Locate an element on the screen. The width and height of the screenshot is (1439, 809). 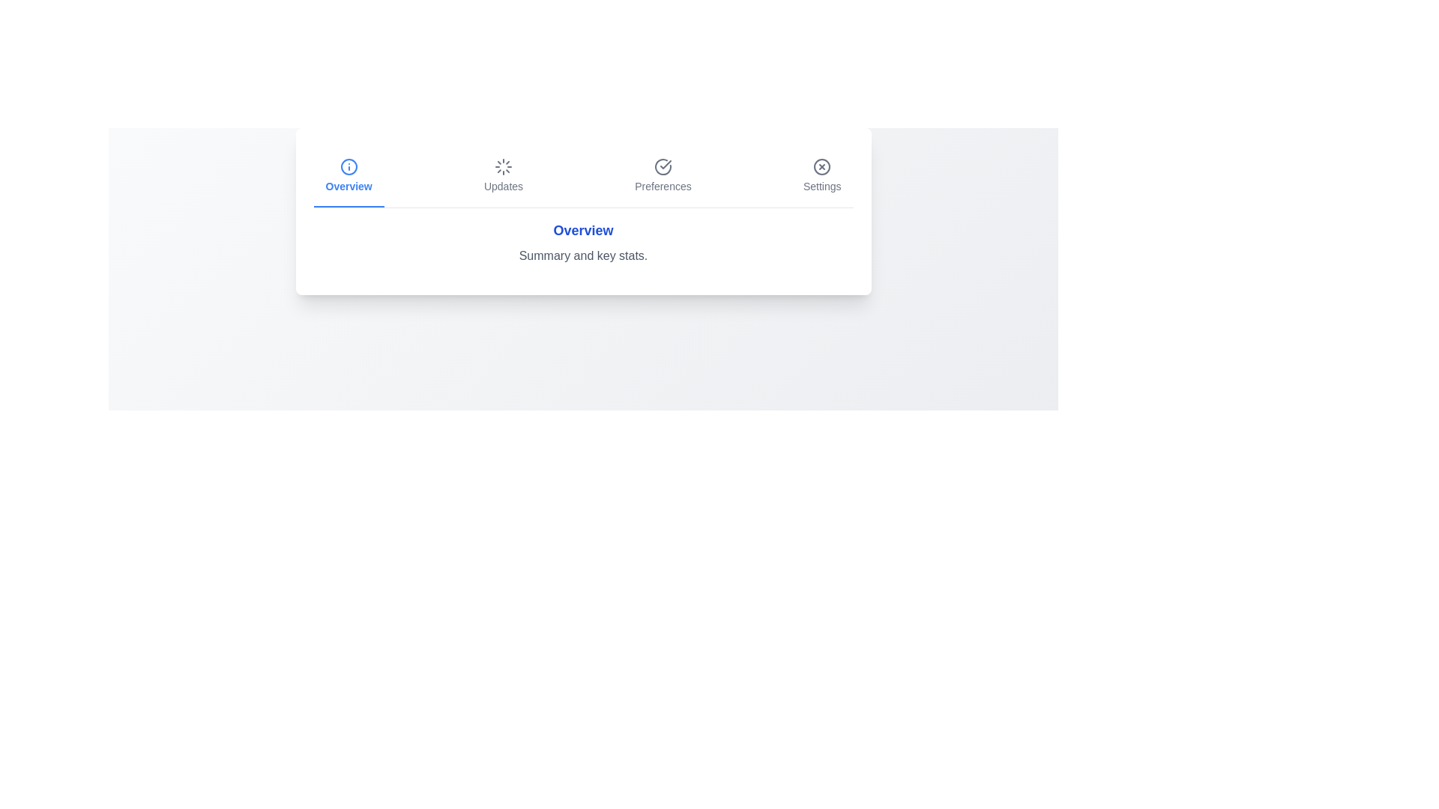
the tab labeled Preferences to activate it is located at coordinates (662, 175).